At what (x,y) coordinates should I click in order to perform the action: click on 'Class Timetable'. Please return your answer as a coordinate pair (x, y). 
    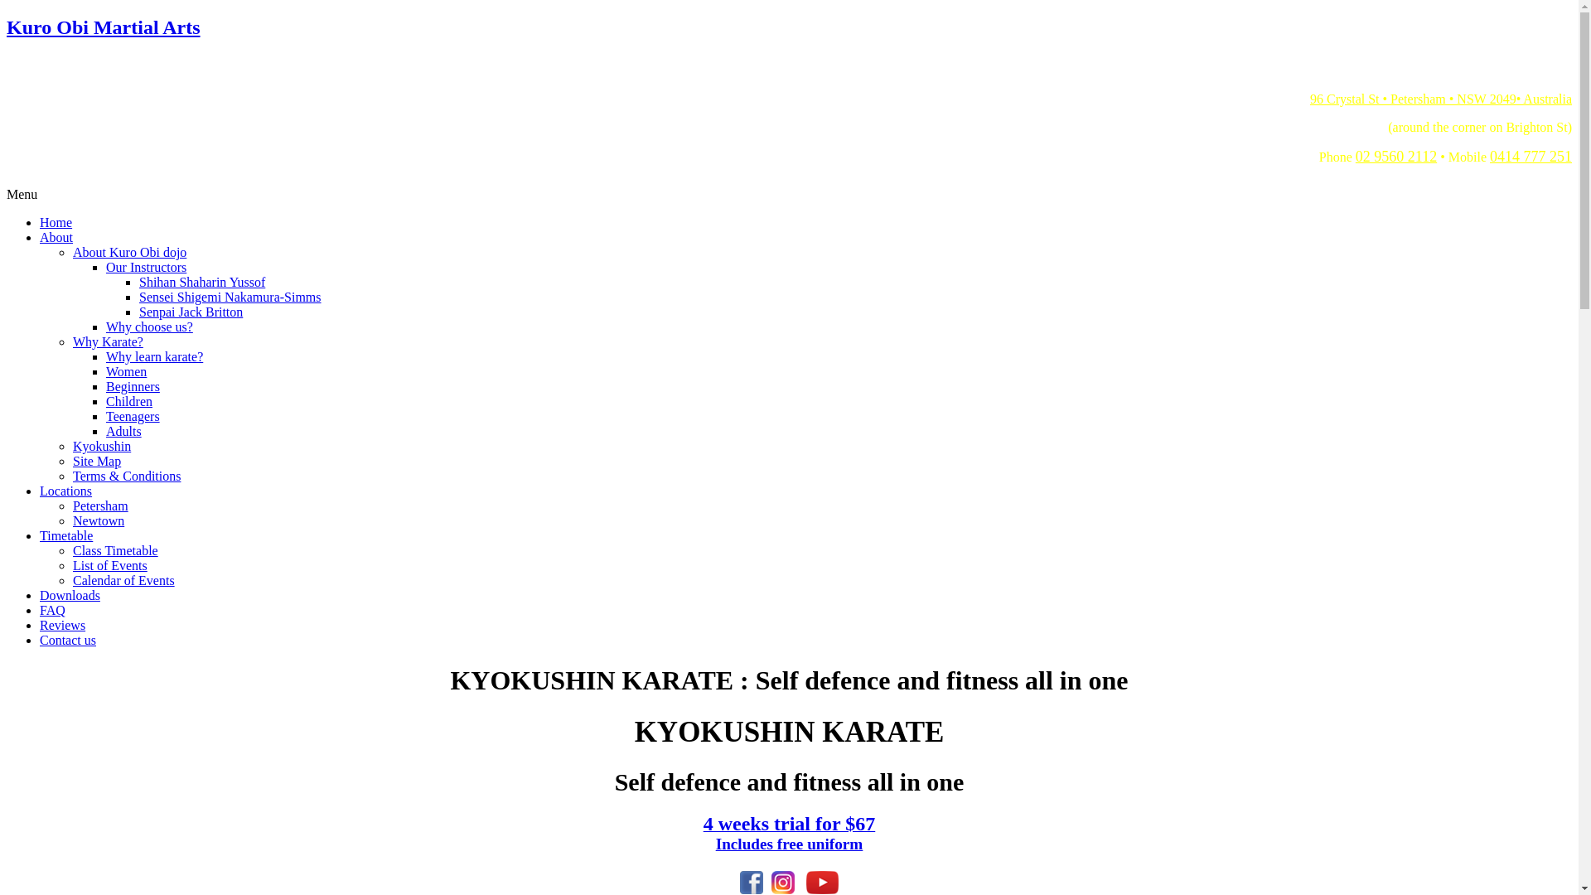
    Looking at the image, I should click on (114, 550).